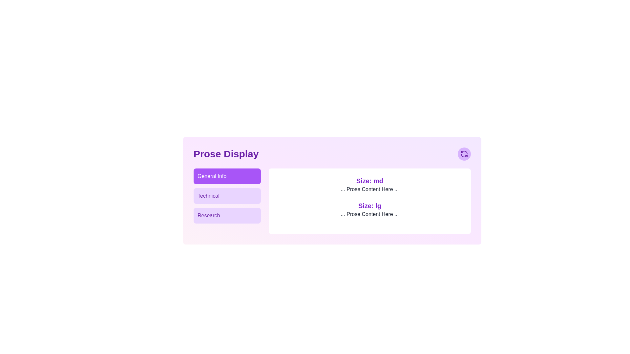  I want to click on the text label reading 'Prose Display', which is styled in a large, bold, deep purple font and located in the top portion of a panel, to the left of a circular refresh button, so click(226, 154).